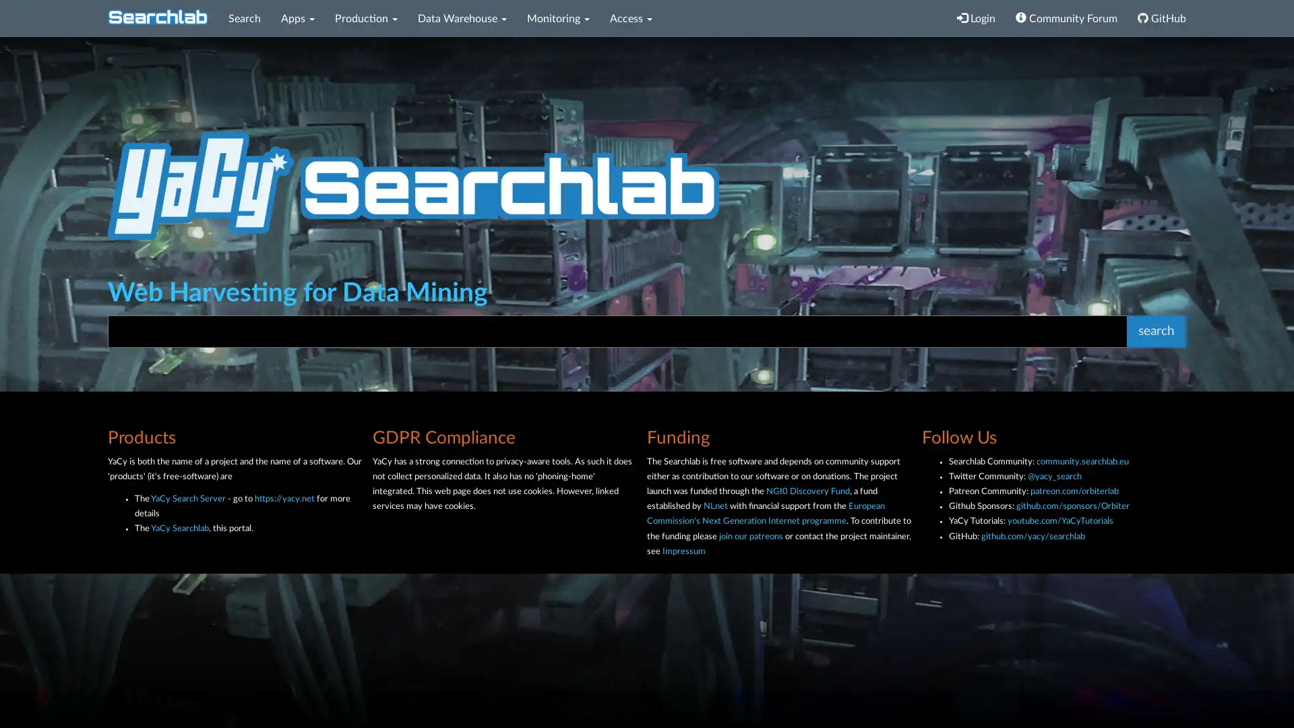 The height and width of the screenshot is (728, 1294). What do you see at coordinates (1156, 332) in the screenshot?
I see `search` at bounding box center [1156, 332].